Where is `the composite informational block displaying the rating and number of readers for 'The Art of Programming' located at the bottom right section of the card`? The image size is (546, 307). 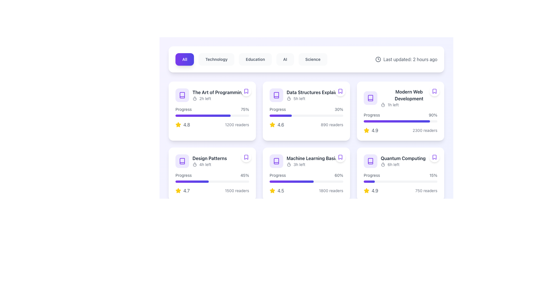 the composite informational block displaying the rating and number of readers for 'The Art of Programming' located at the bottom right section of the card is located at coordinates (212, 125).